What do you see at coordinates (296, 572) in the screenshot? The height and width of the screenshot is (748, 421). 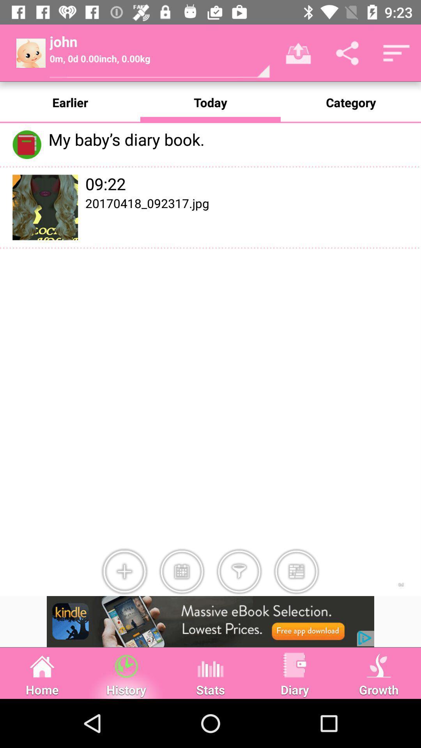 I see `photo gallery` at bounding box center [296, 572].